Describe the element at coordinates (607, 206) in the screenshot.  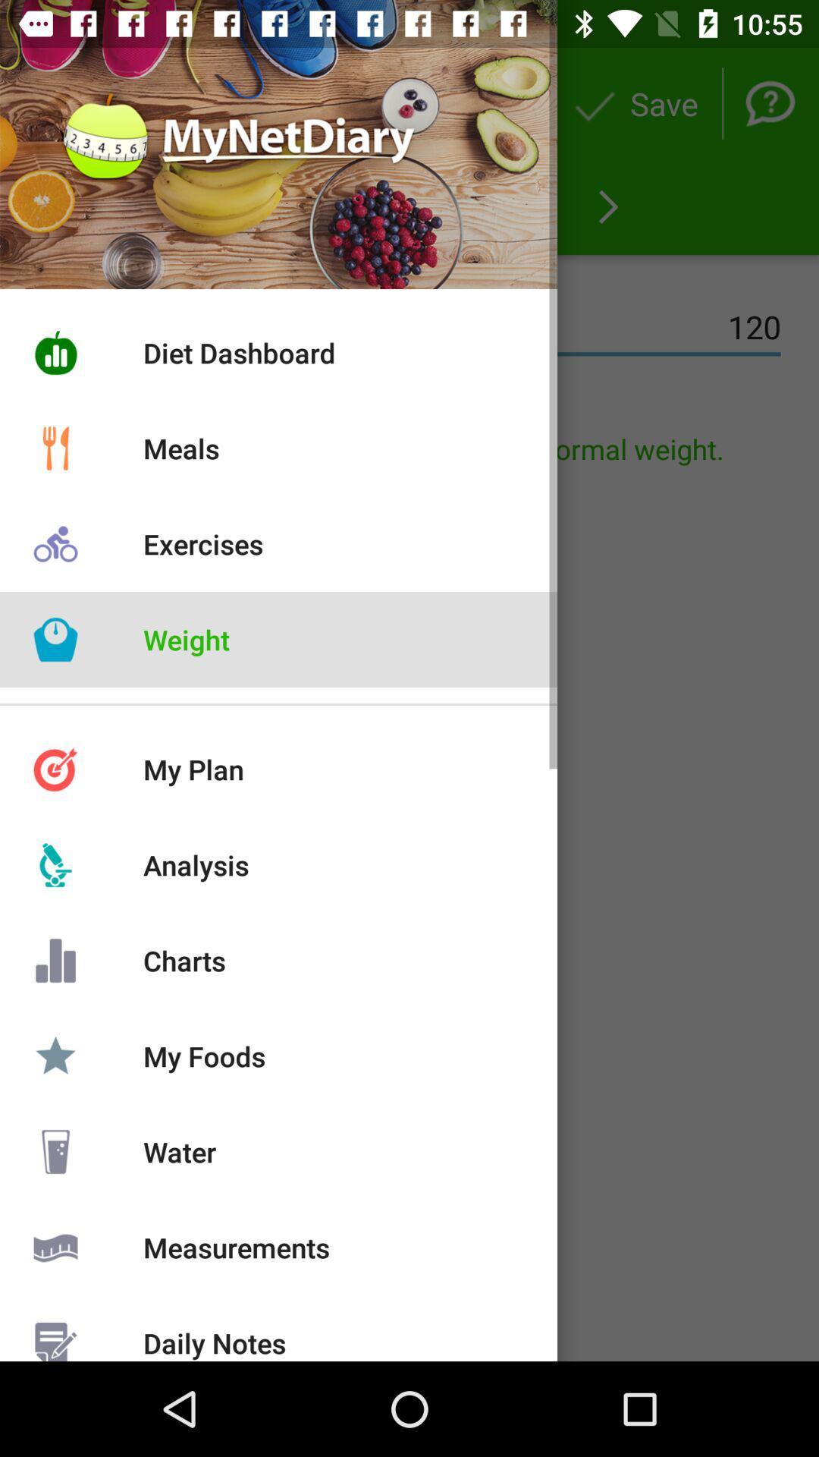
I see `the icon arrow` at that location.